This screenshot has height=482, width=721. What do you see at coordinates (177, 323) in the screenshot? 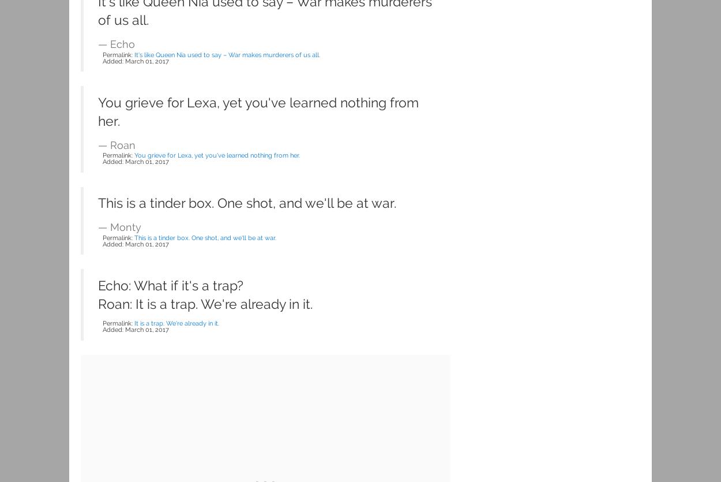
I see `'It is a trap. We're already in it.'` at bounding box center [177, 323].